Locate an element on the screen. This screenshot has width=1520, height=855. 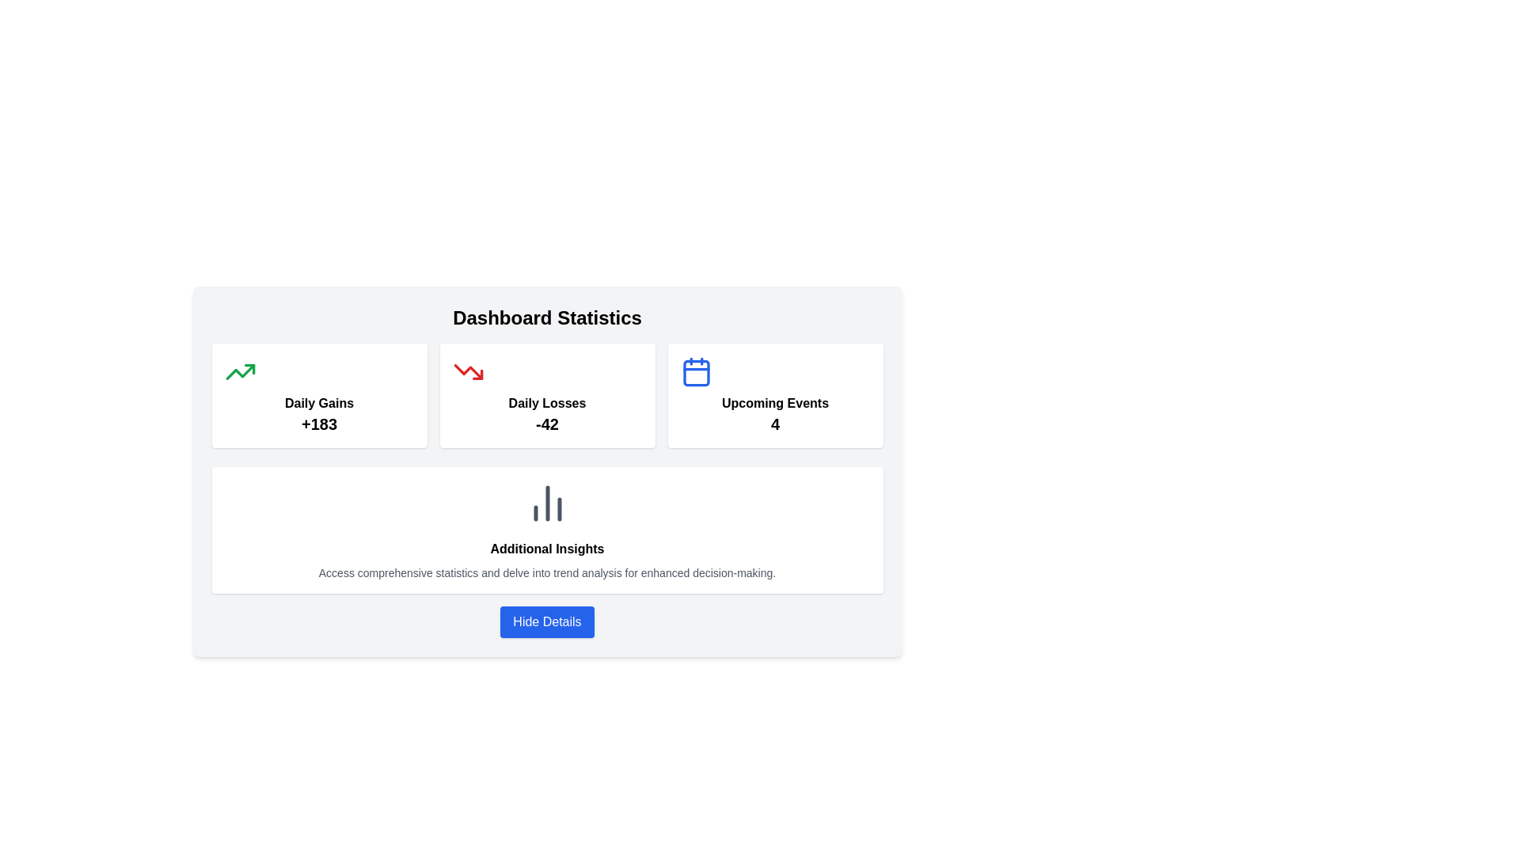
the downward trending triangle marker icon within the 'Daily Losses' box on the dashboard statistics is located at coordinates (477, 374).